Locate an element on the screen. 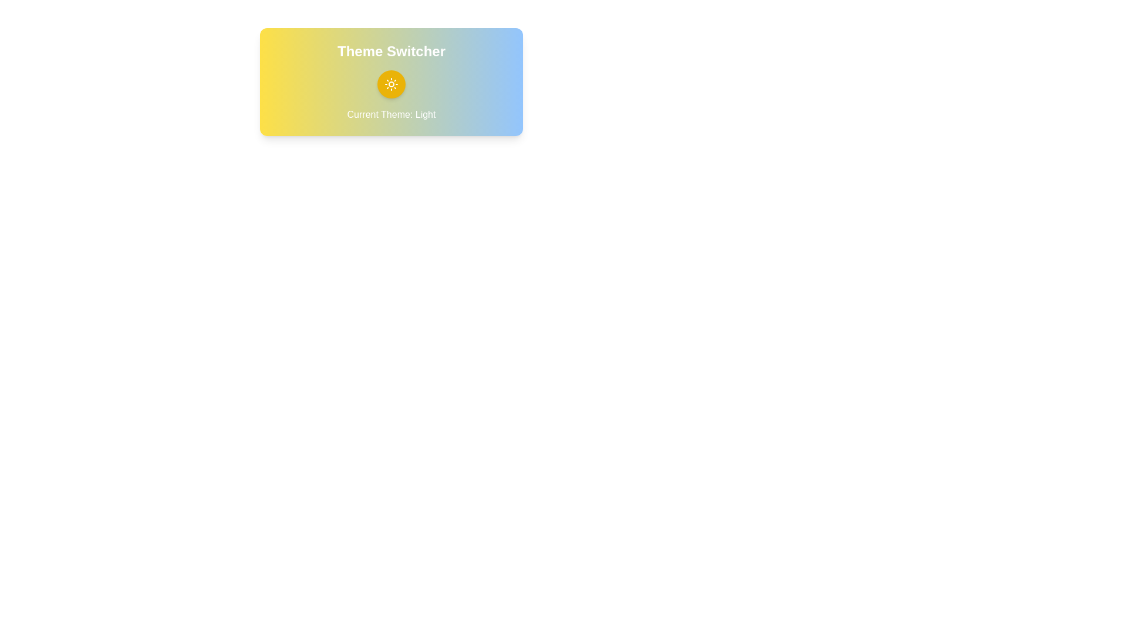 The image size is (1127, 633). the theme toggle button located centrally below the text 'Theme Switcher' is located at coordinates (392, 83).